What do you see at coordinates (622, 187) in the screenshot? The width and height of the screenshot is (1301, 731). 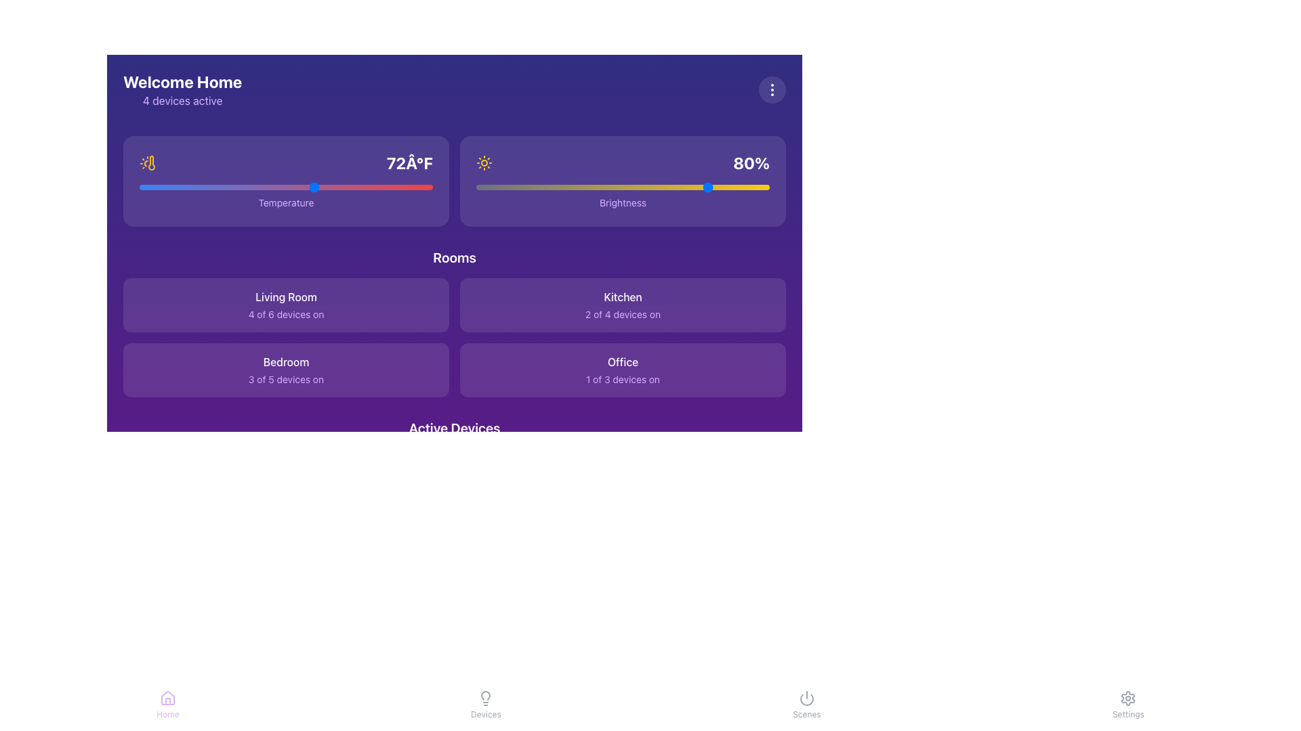 I see `the slider control, which has a gradient color scheme and is located beneath the sun icon labeled '80%'` at bounding box center [622, 187].